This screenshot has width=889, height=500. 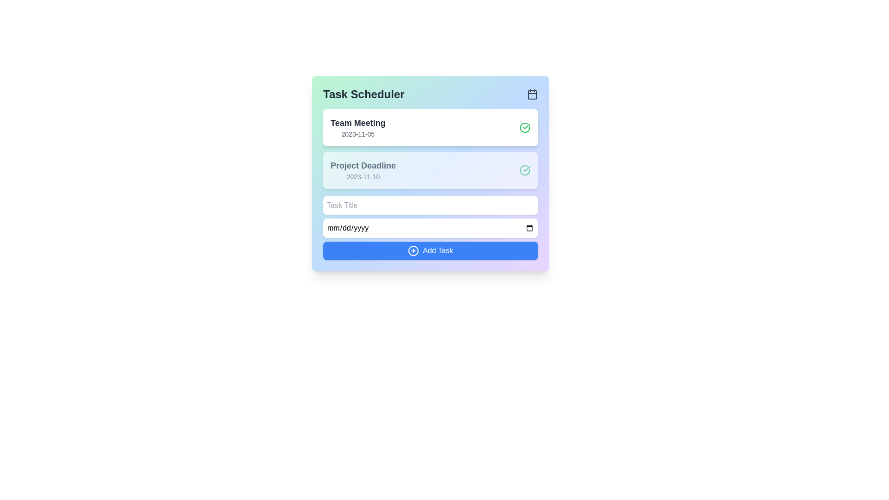 I want to click on the text label element that indicates the project deadline, located under the 'Project Deadline' title and above the 'Task Title' input field in the middle of the interface, so click(x=363, y=176).